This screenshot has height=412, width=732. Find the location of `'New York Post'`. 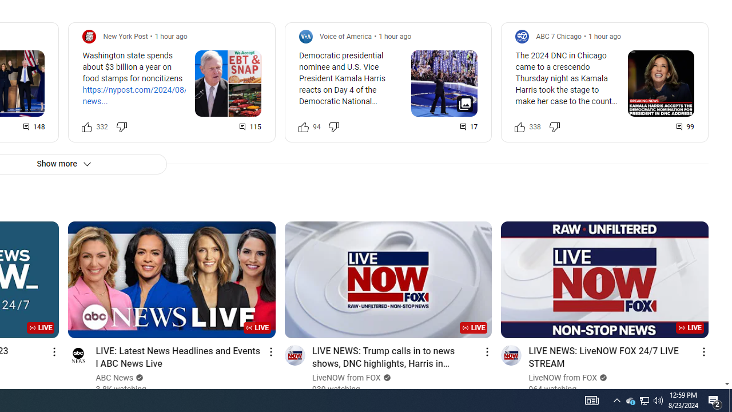

'New York Post' is located at coordinates (125, 35).